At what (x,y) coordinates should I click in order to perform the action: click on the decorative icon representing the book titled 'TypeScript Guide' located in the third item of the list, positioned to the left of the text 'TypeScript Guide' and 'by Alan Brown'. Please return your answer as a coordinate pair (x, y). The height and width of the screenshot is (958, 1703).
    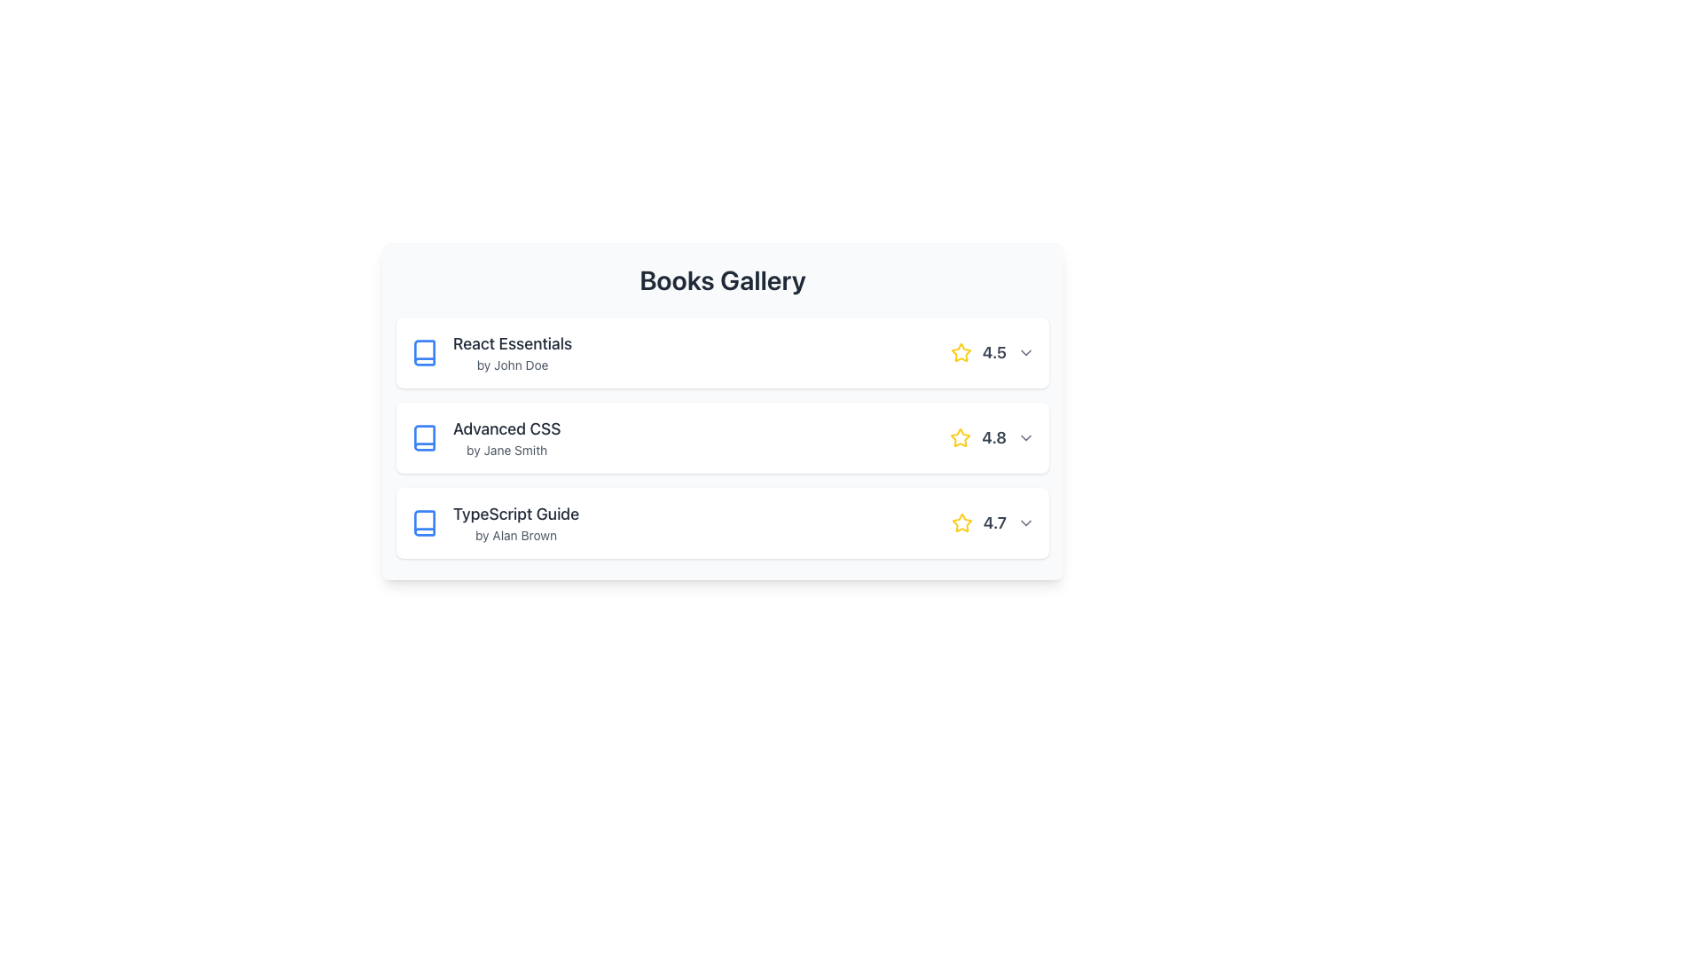
    Looking at the image, I should click on (424, 522).